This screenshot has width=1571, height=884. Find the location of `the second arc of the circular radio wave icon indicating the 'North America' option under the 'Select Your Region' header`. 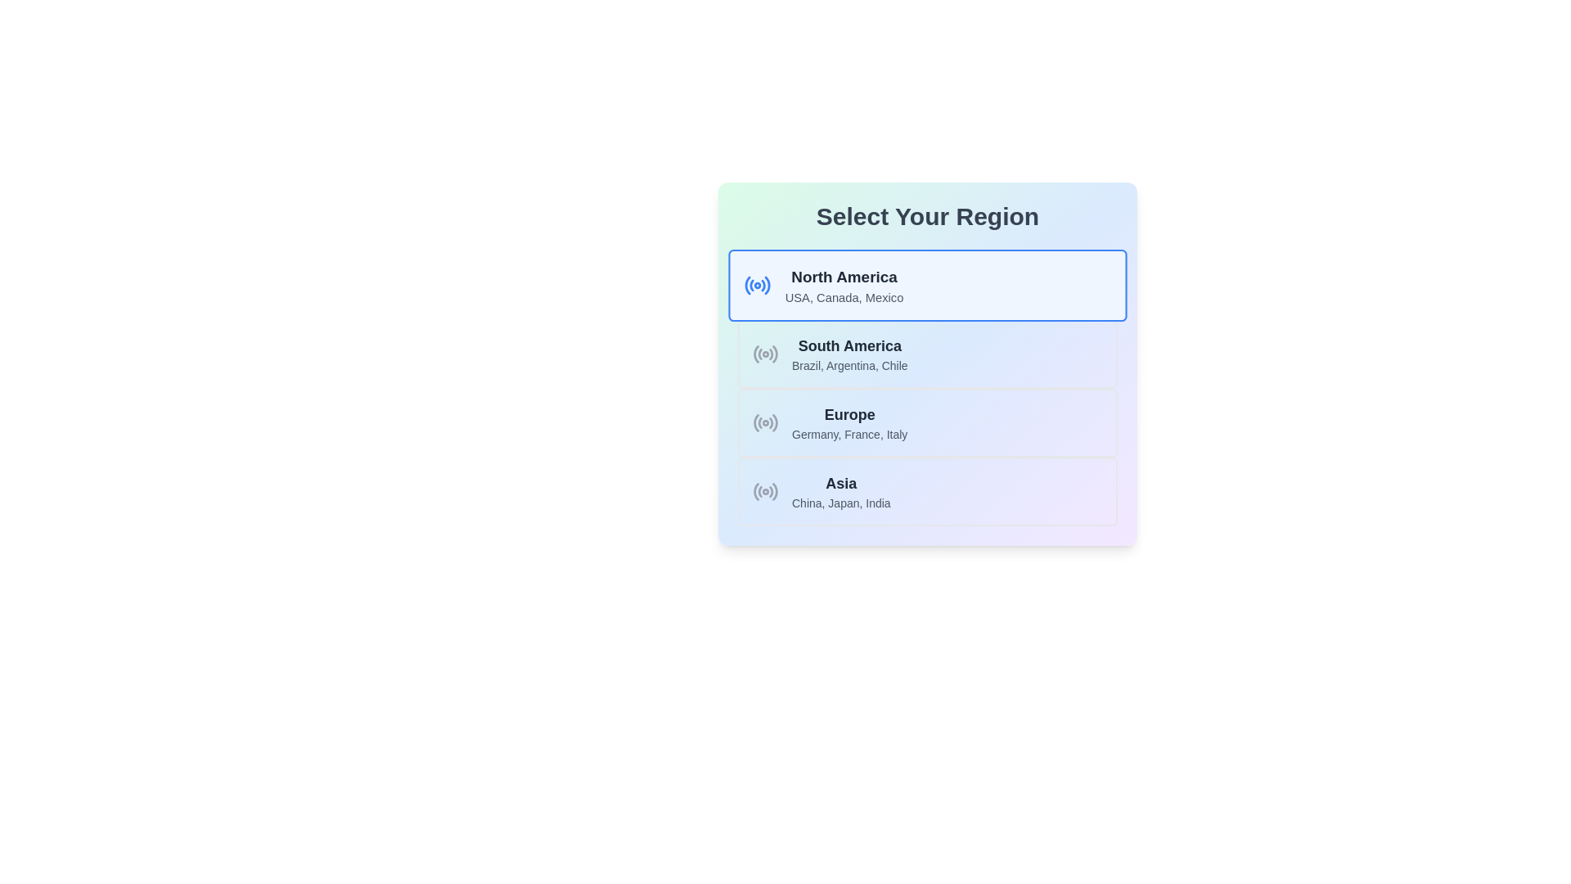

the second arc of the circular radio wave icon indicating the 'North America' option under the 'Select Your Region' header is located at coordinates (751, 284).